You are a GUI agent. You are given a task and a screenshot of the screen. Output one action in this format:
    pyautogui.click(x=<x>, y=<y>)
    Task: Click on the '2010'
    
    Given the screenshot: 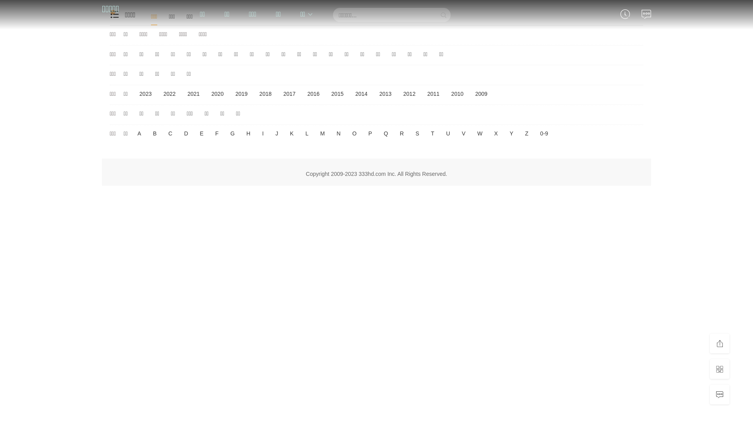 What is the action you would take?
    pyautogui.click(x=457, y=93)
    